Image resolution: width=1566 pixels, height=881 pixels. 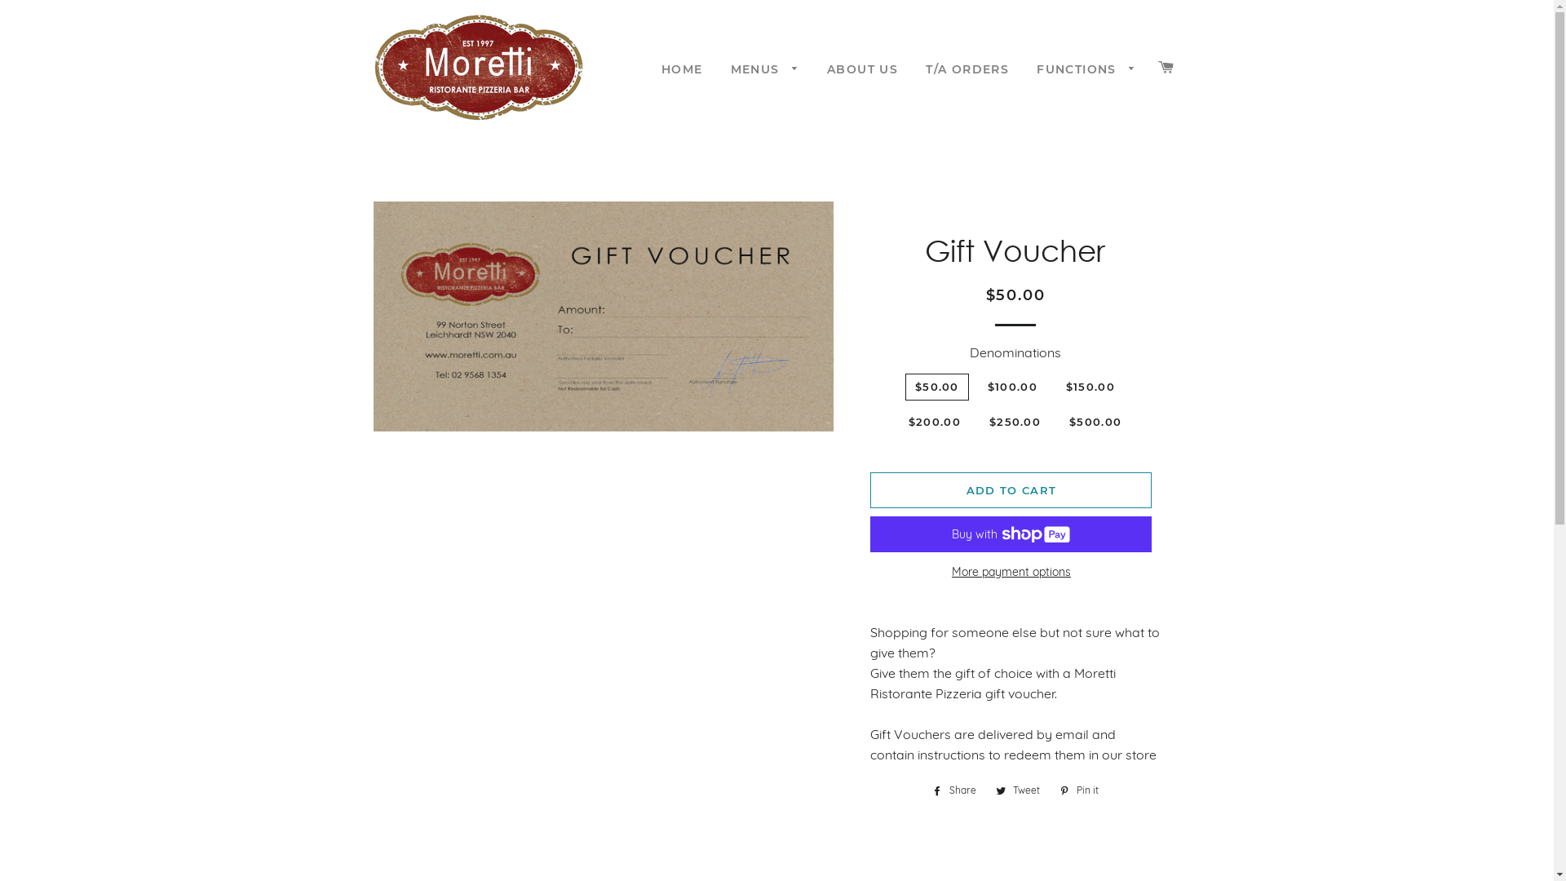 I want to click on 'Share, so click(x=923, y=789).